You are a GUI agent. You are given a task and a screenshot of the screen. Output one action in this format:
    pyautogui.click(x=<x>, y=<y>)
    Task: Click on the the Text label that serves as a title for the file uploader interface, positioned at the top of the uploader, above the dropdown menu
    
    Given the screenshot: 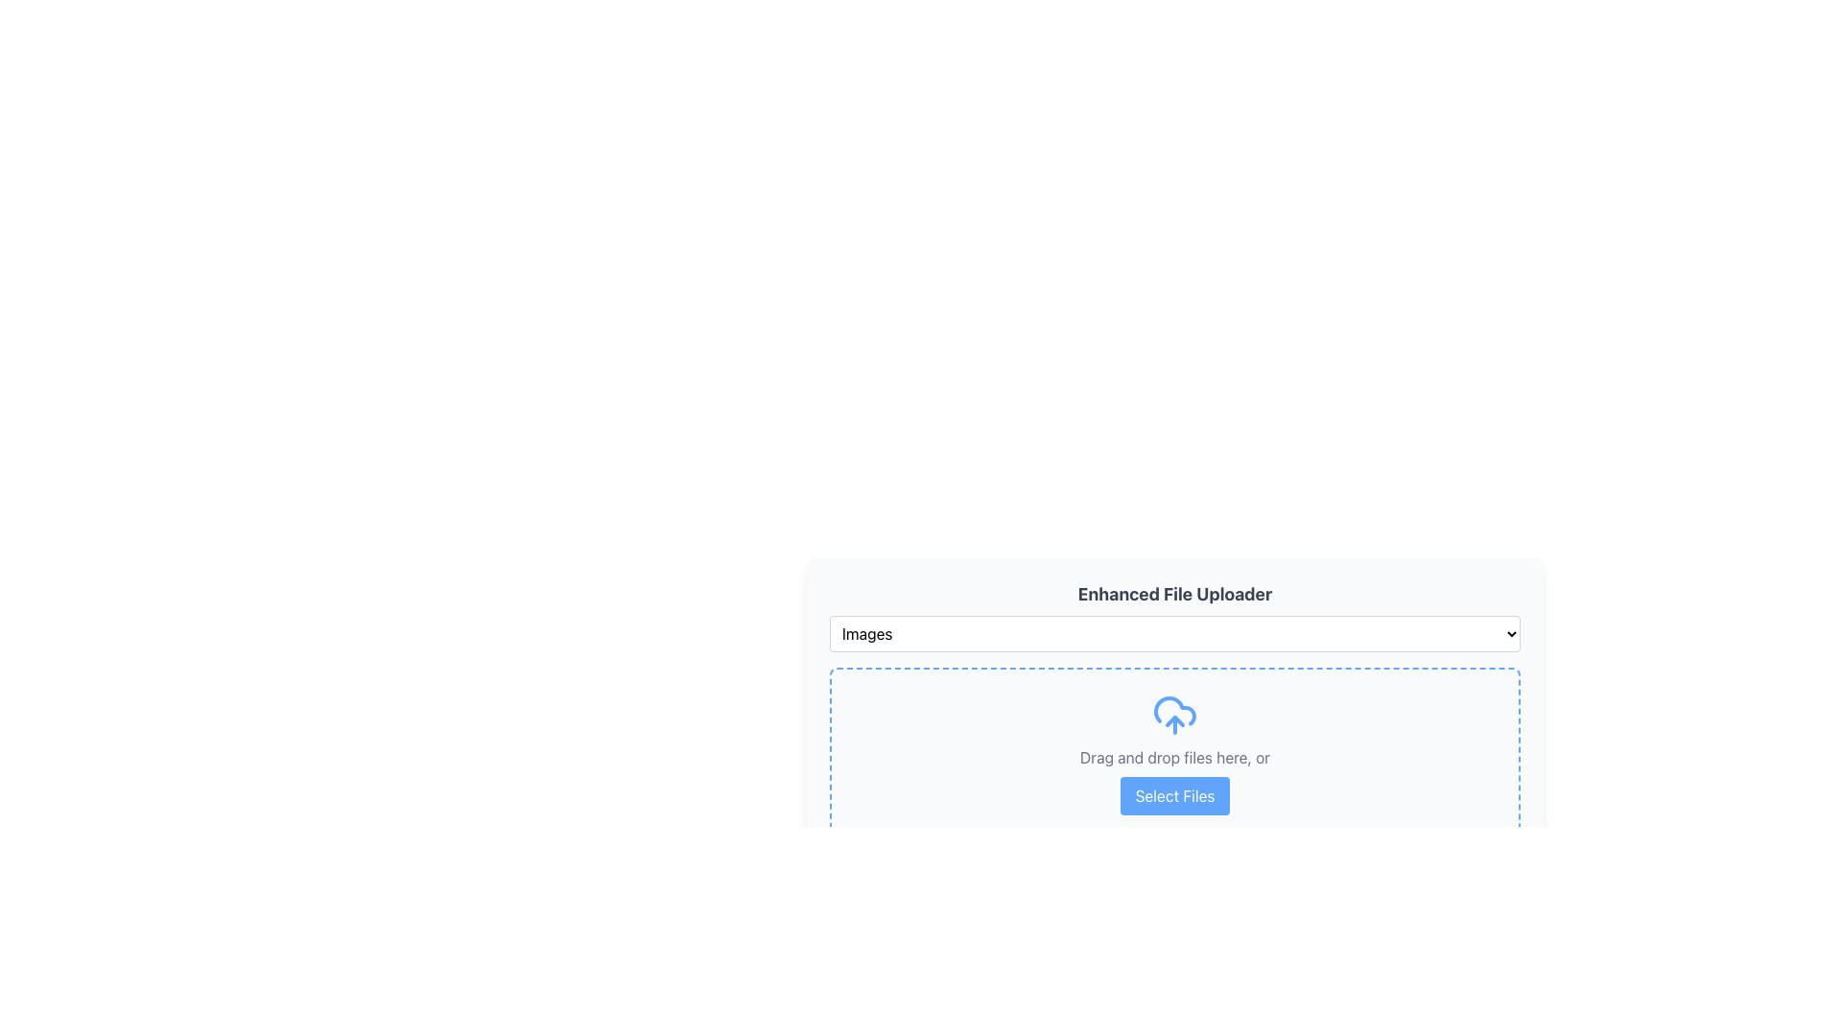 What is the action you would take?
    pyautogui.click(x=1173, y=594)
    